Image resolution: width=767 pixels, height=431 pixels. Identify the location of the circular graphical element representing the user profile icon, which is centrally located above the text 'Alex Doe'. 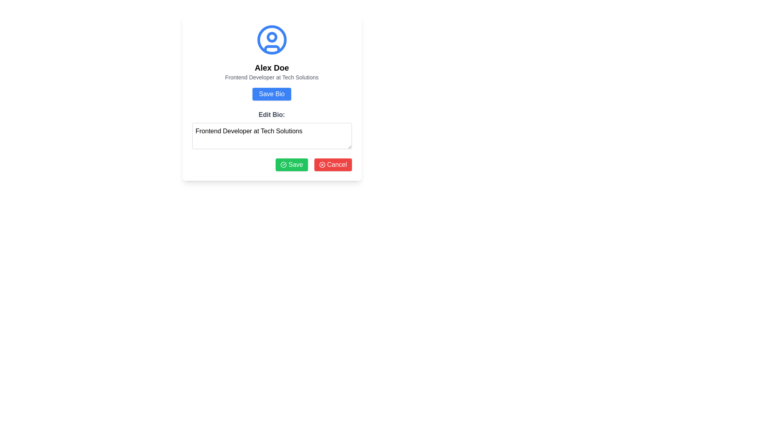
(272, 40).